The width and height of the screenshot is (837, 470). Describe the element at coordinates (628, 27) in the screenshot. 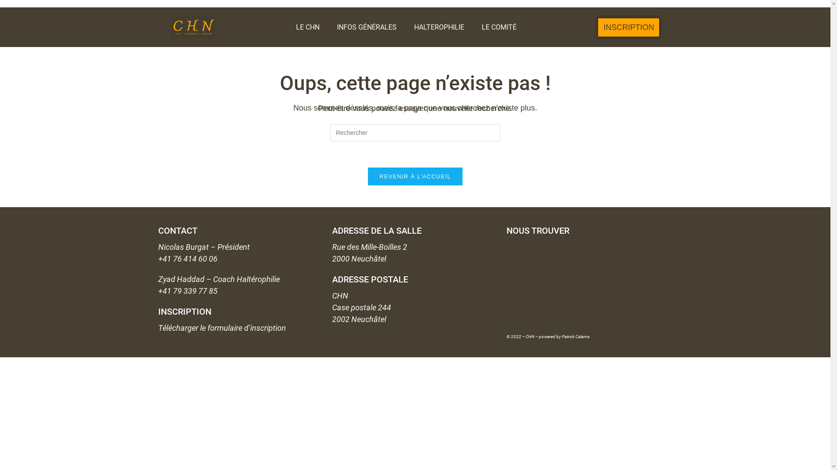

I see `'INSCRIPTION'` at that location.